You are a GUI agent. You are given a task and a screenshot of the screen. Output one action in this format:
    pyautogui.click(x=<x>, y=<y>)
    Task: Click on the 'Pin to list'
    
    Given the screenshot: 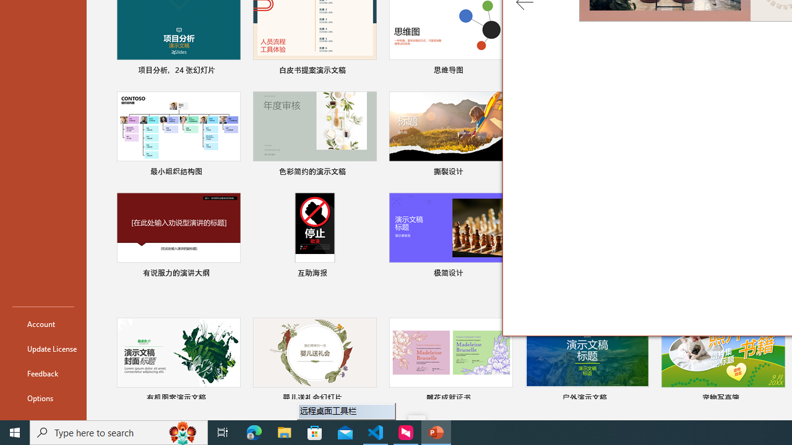 What is the action you would take?
    pyautogui.click(x=776, y=399)
    